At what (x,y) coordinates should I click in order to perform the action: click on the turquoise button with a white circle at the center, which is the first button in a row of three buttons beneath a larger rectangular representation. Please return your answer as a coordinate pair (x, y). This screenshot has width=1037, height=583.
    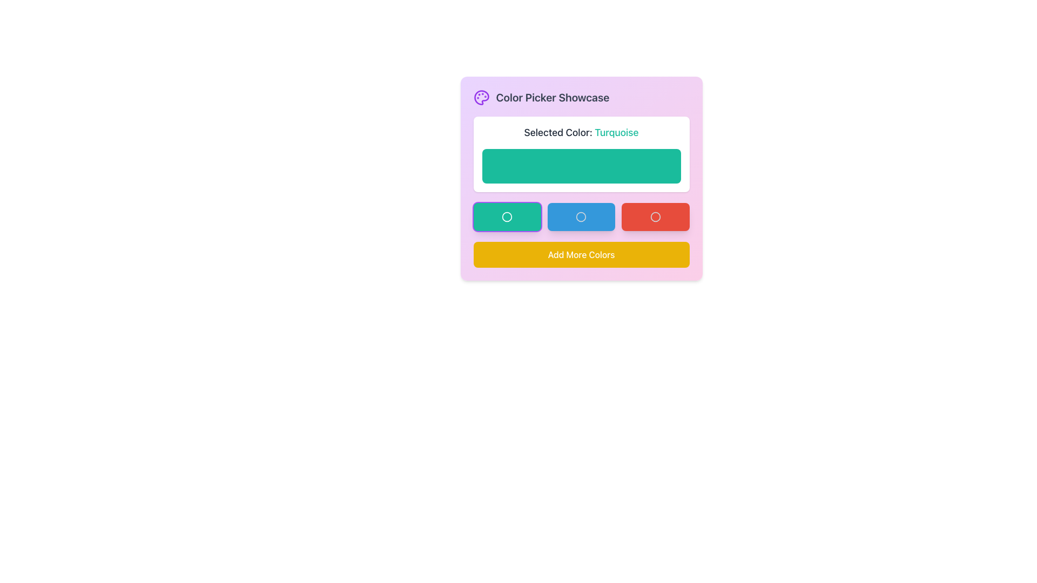
    Looking at the image, I should click on (507, 216).